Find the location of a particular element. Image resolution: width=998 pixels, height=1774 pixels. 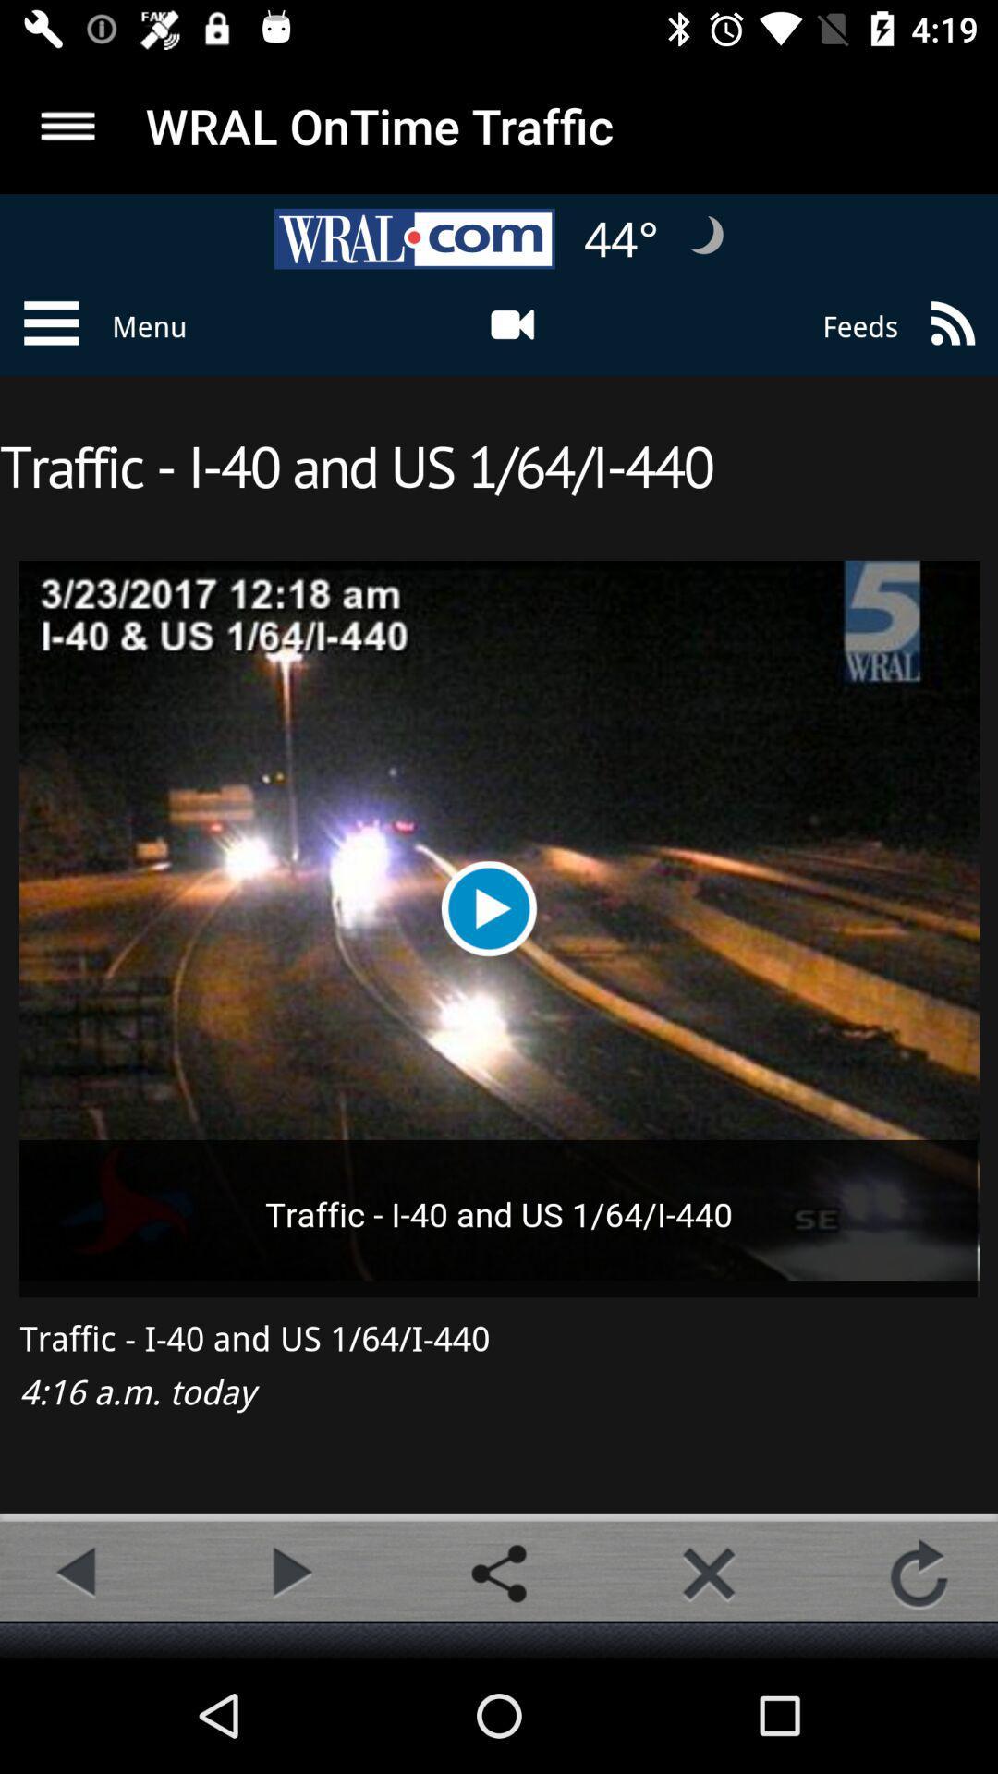

more option is located at coordinates (67, 125).